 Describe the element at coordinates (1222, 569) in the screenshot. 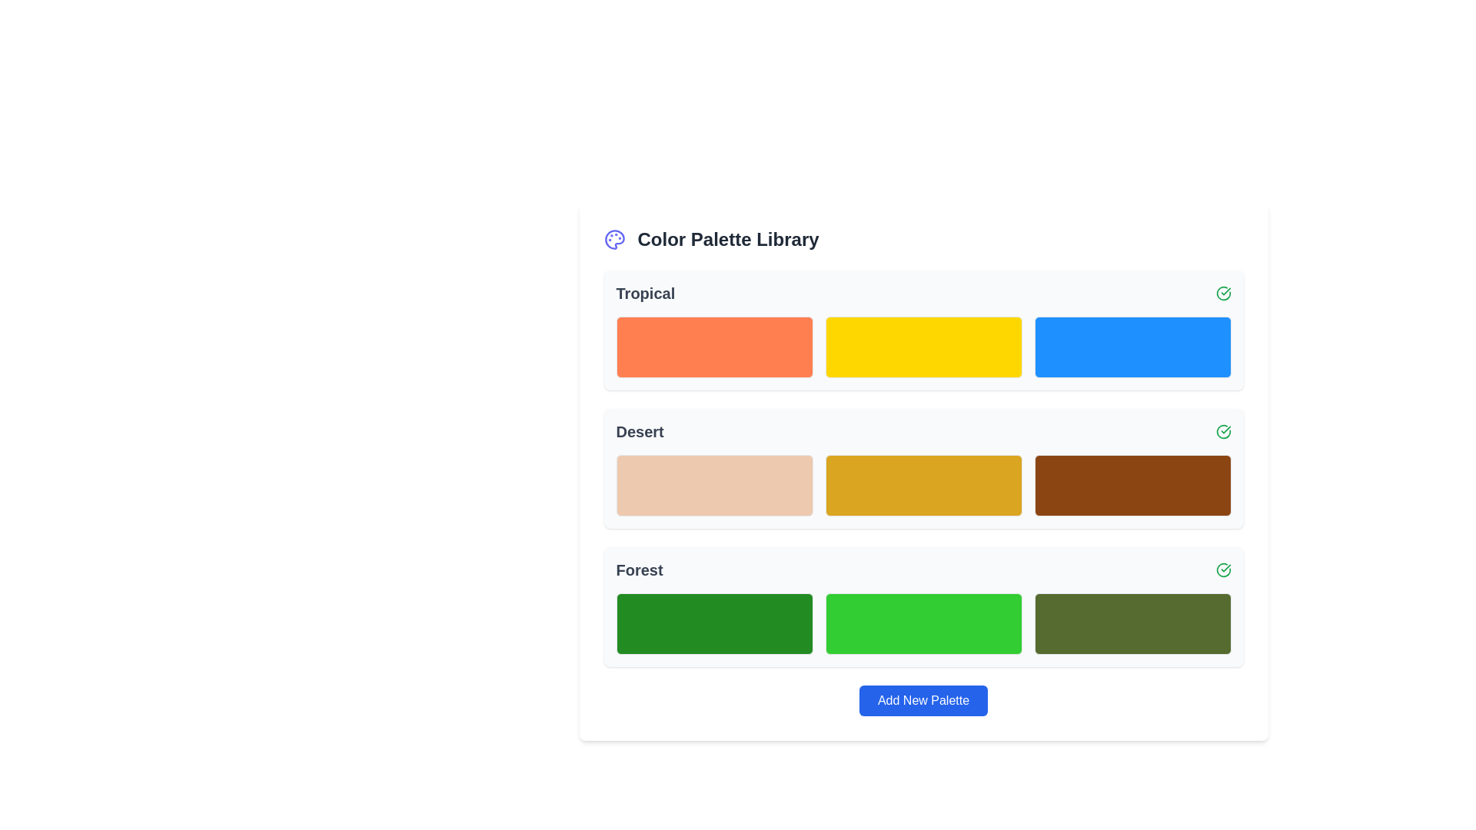

I see `the SVG graphic indicator for the 'Desert' palette row, which signifies an active or selected state in the associated palette group` at that location.